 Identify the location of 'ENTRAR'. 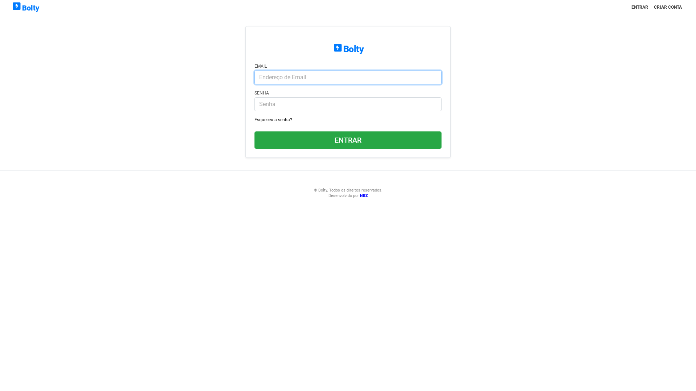
(640, 7).